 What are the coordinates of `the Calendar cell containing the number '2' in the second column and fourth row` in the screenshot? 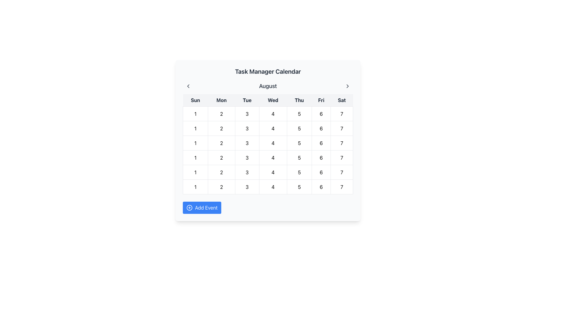 It's located at (221, 172).